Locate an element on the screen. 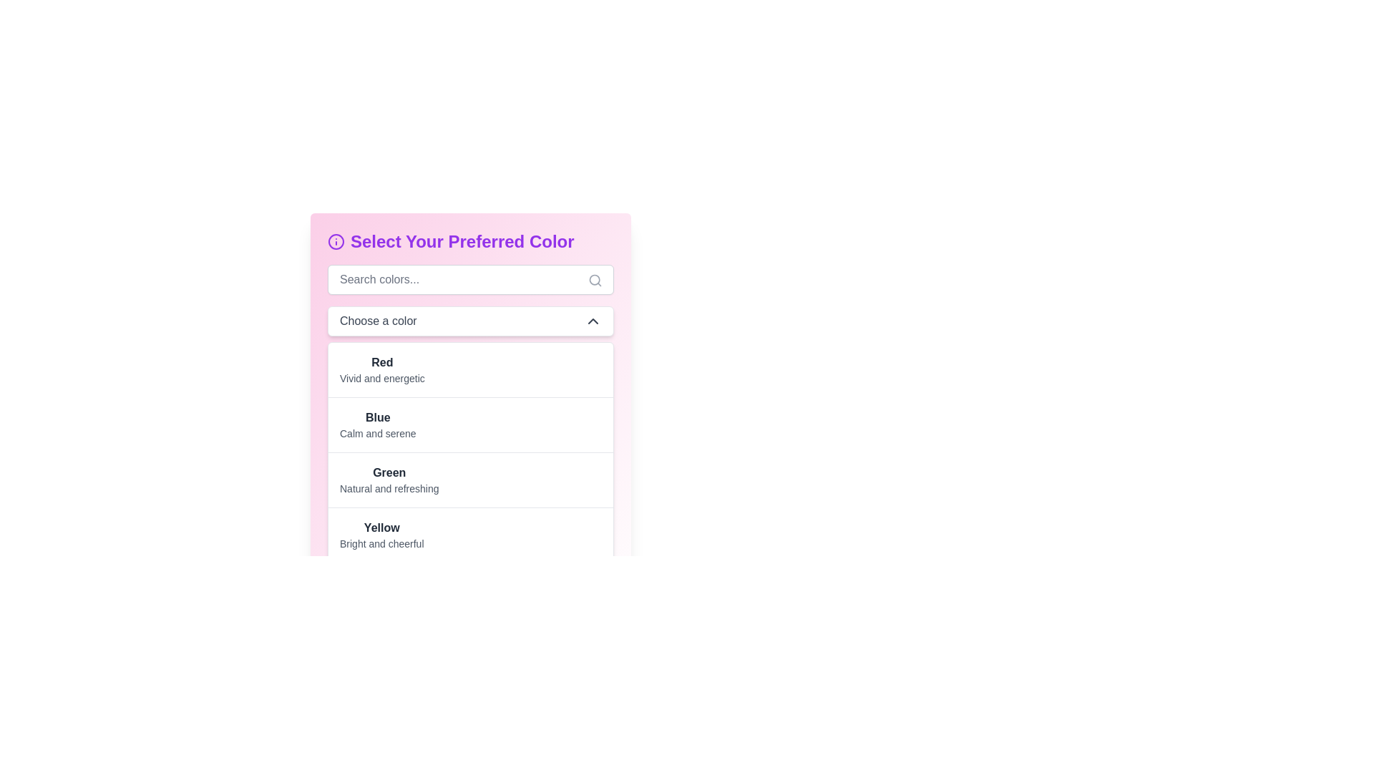  the list item representing the color 'Blue', which is the second item in the scrollable list below the 'Choose a color' dropdown is located at coordinates (470, 424).